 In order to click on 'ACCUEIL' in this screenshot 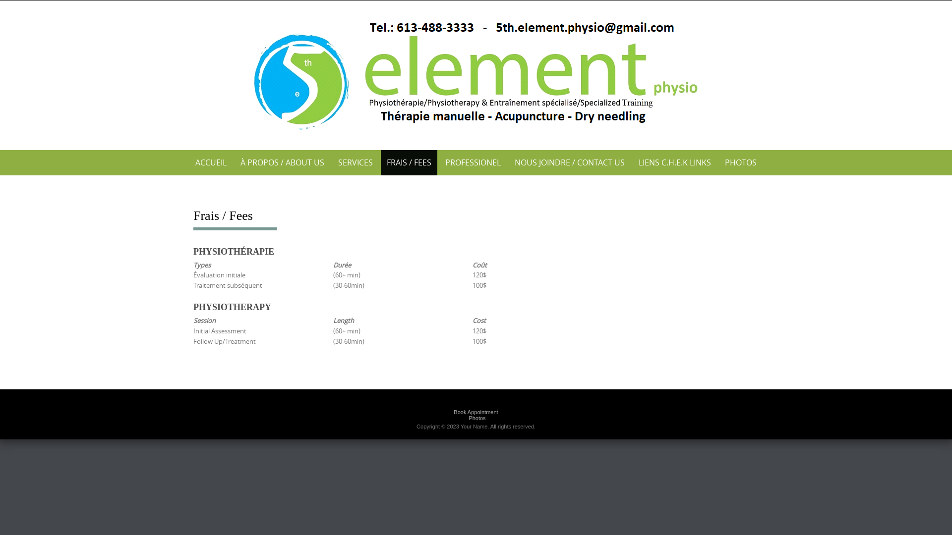, I will do `click(210, 162)`.